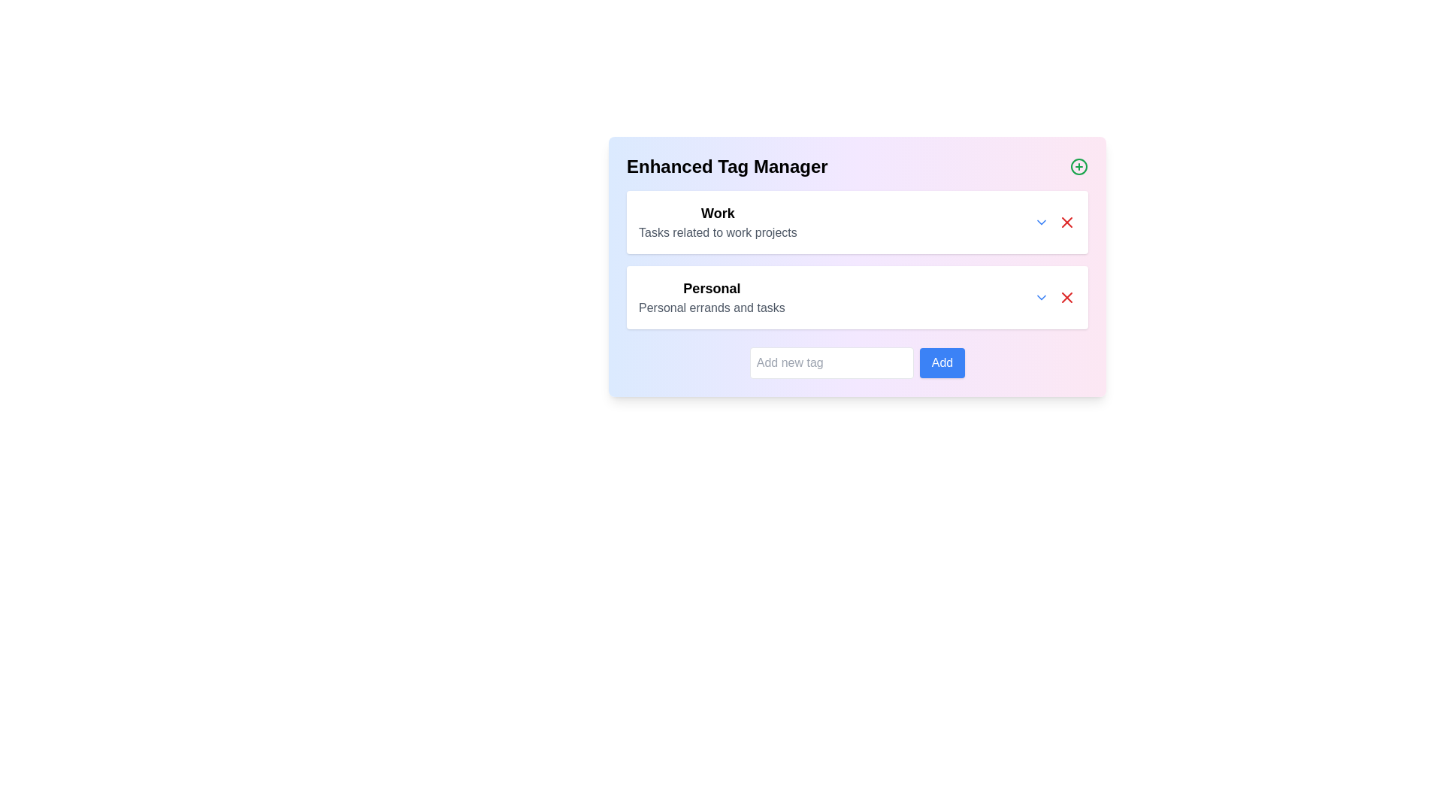  Describe the element at coordinates (1066, 298) in the screenshot. I see `the second stroke of the 'X' icon, which is part of the close button for the 'Personal' tag located at the far right of the tag box` at that location.